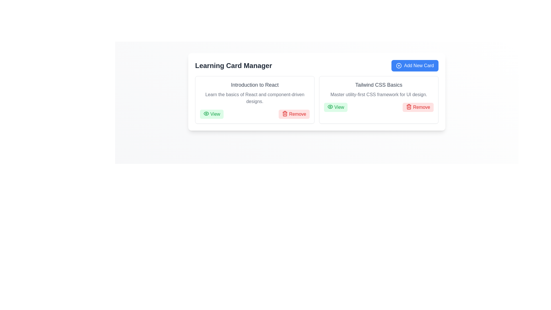 Image resolution: width=551 pixels, height=310 pixels. I want to click on the delete button located in the bottom right corner of the 'Introduction to React' card in the 'Learning Card Manager' section, so click(294, 114).